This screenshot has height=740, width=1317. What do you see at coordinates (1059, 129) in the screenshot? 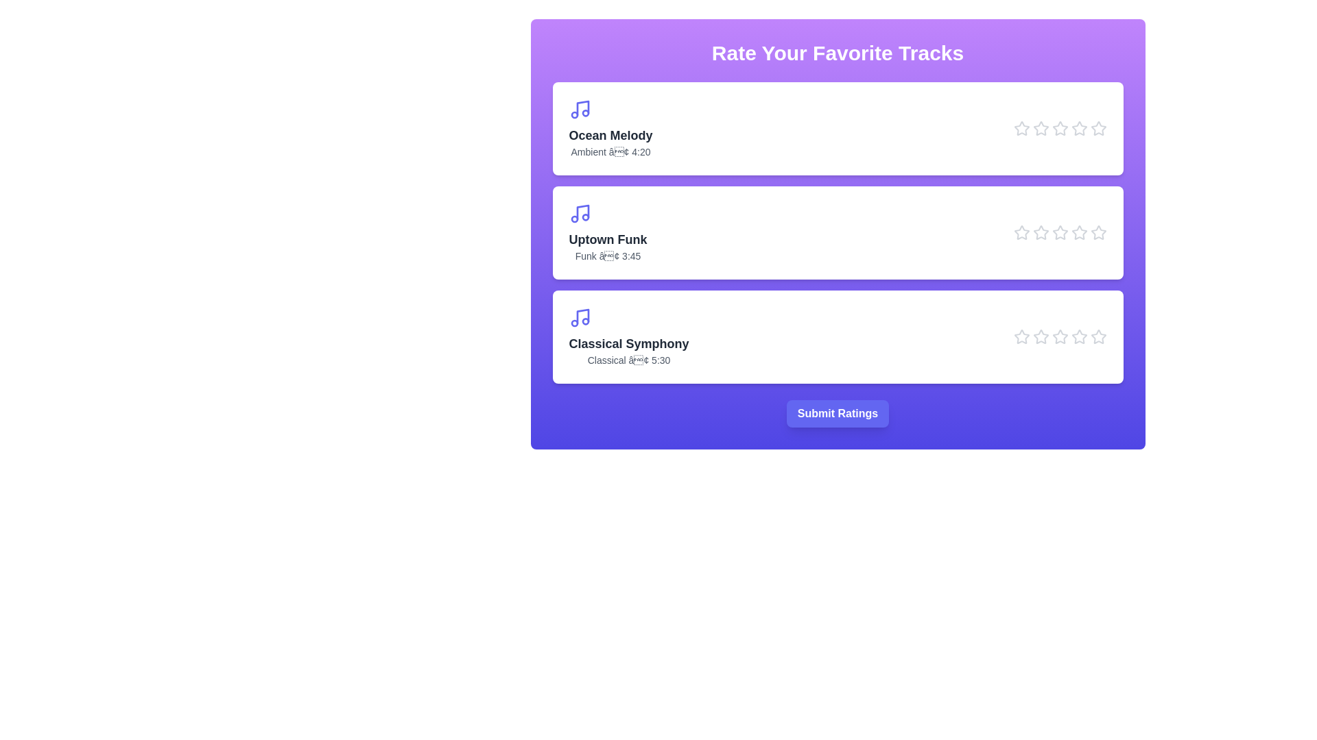
I see `the star icon corresponding to Ocean Melody at 3 stars to preview the rating` at bounding box center [1059, 129].